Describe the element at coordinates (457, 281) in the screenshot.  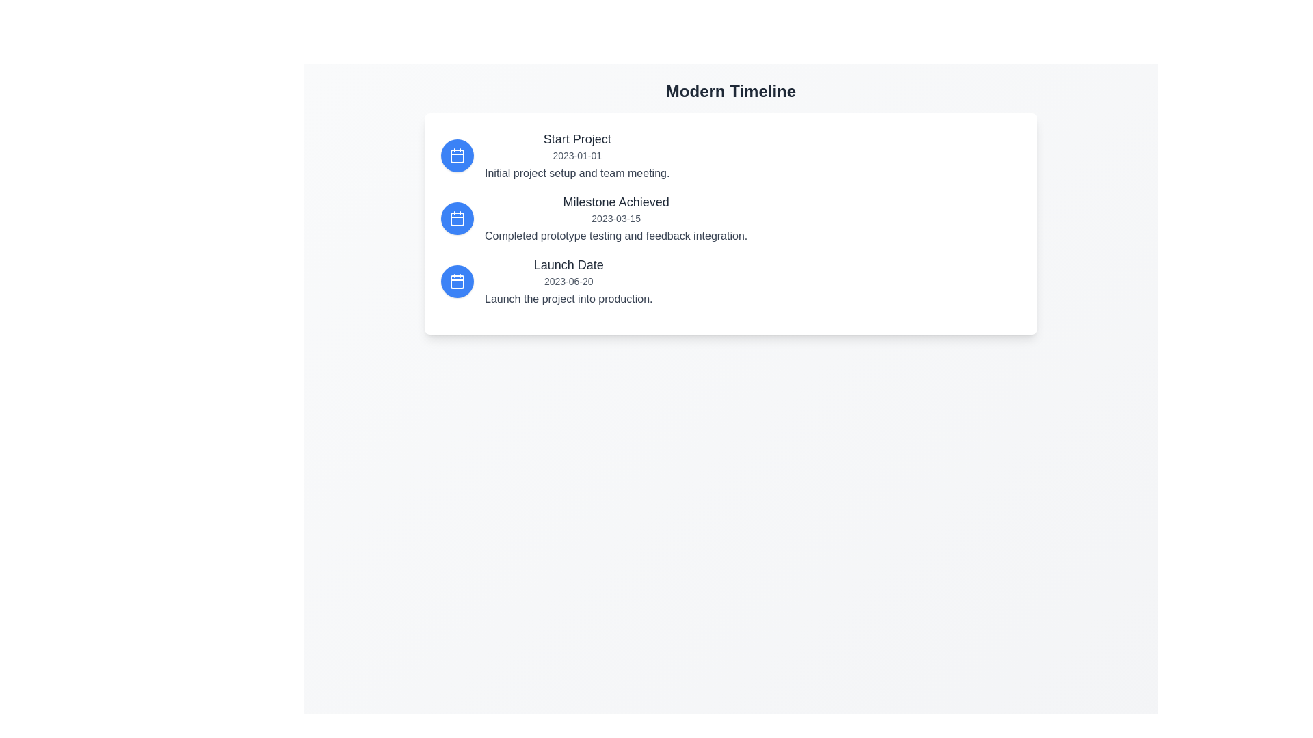
I see `the calendar icon with a blue background and white outline located in the third entry of the vertical timeline labeled 'Launch Date'` at that location.